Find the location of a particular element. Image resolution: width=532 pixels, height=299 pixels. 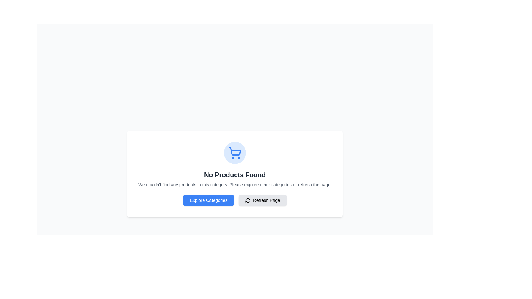

the circular light blue Icon Button containing a blue shopping cart icon located at the top center of the card-like area above the 'No Products Found' text is located at coordinates (235, 153).